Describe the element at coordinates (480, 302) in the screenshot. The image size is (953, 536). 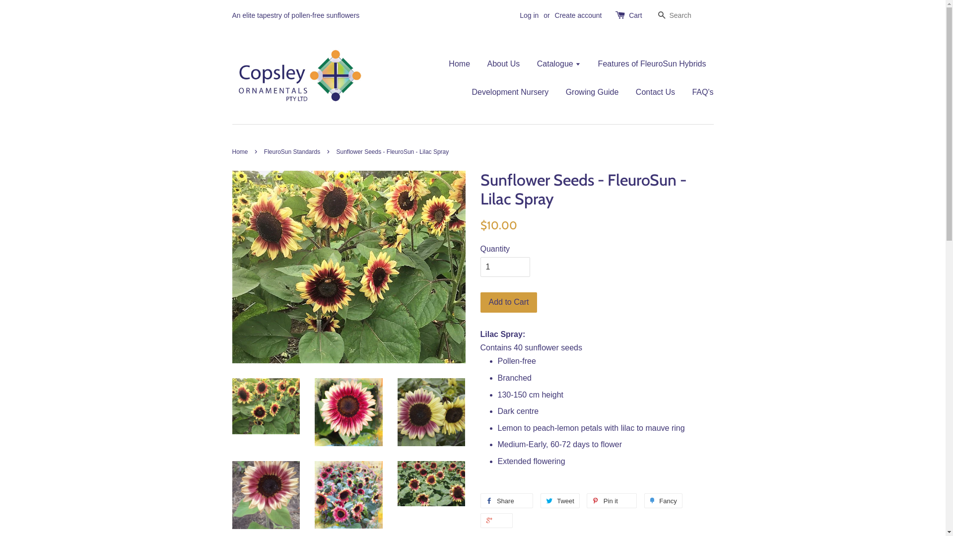
I see `'Add to Cart'` at that location.